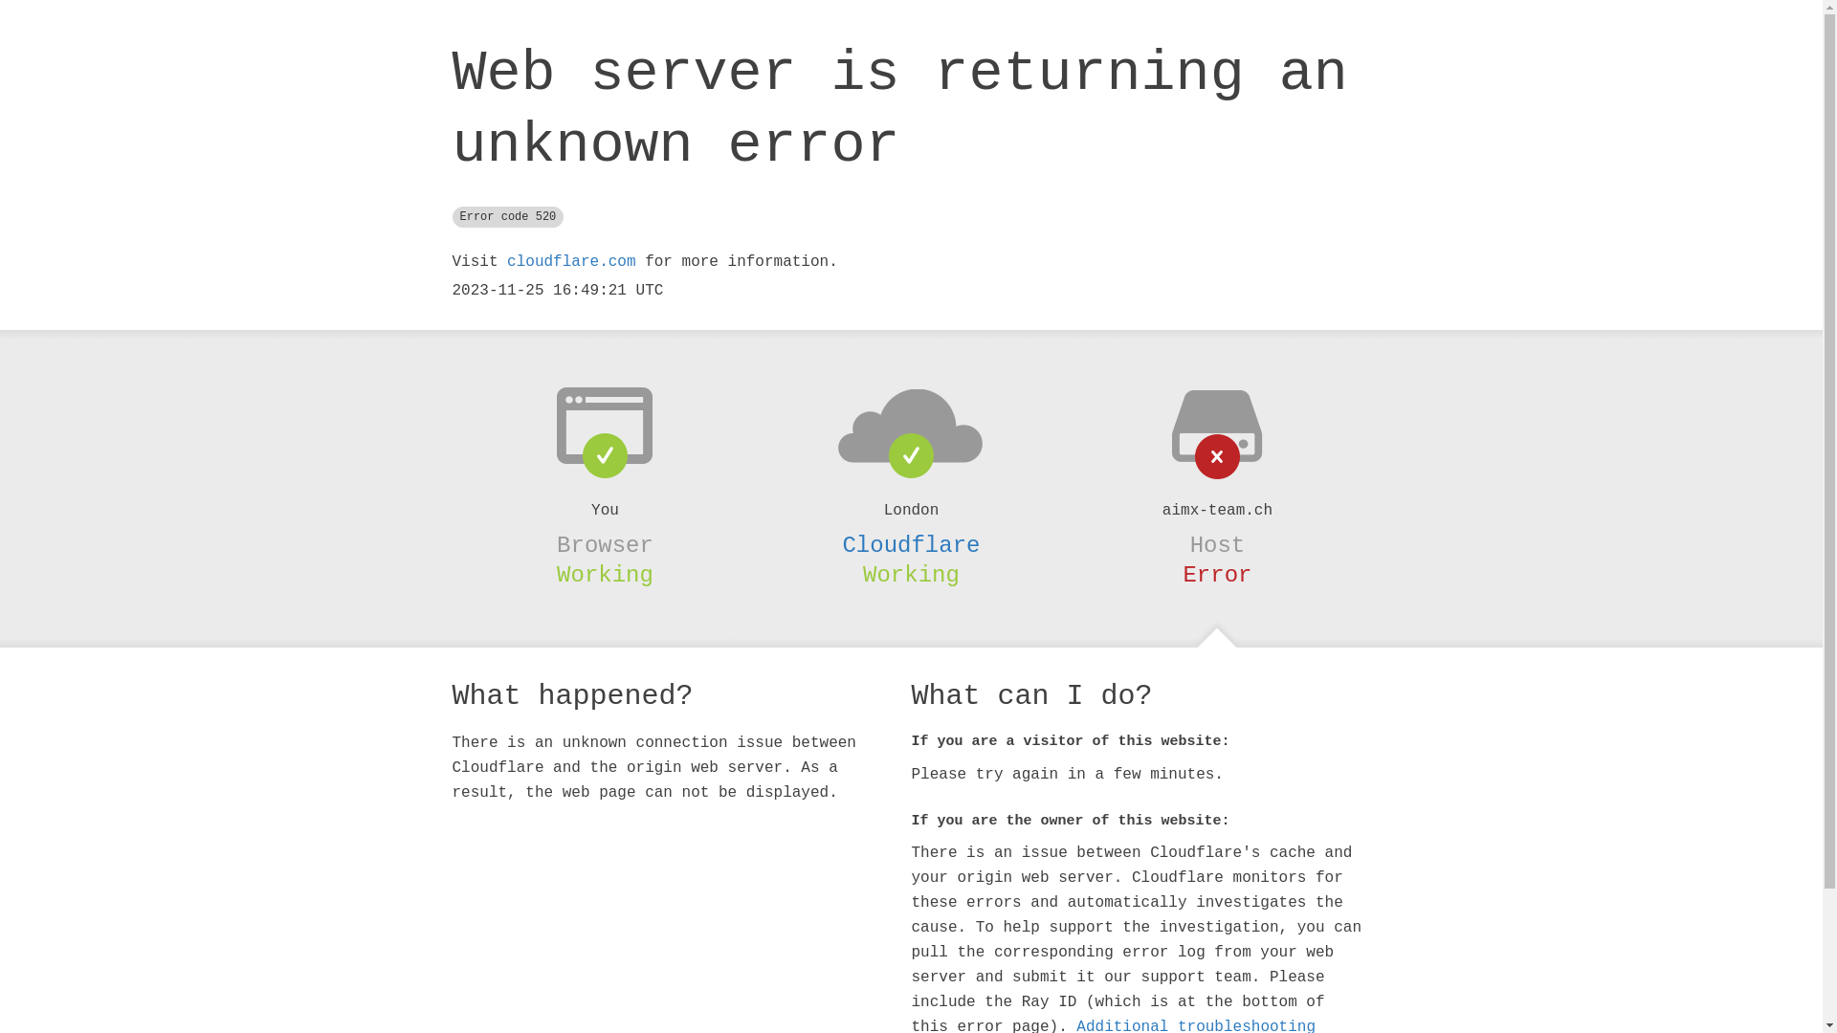  What do you see at coordinates (841, 545) in the screenshot?
I see `'Cloudflare'` at bounding box center [841, 545].